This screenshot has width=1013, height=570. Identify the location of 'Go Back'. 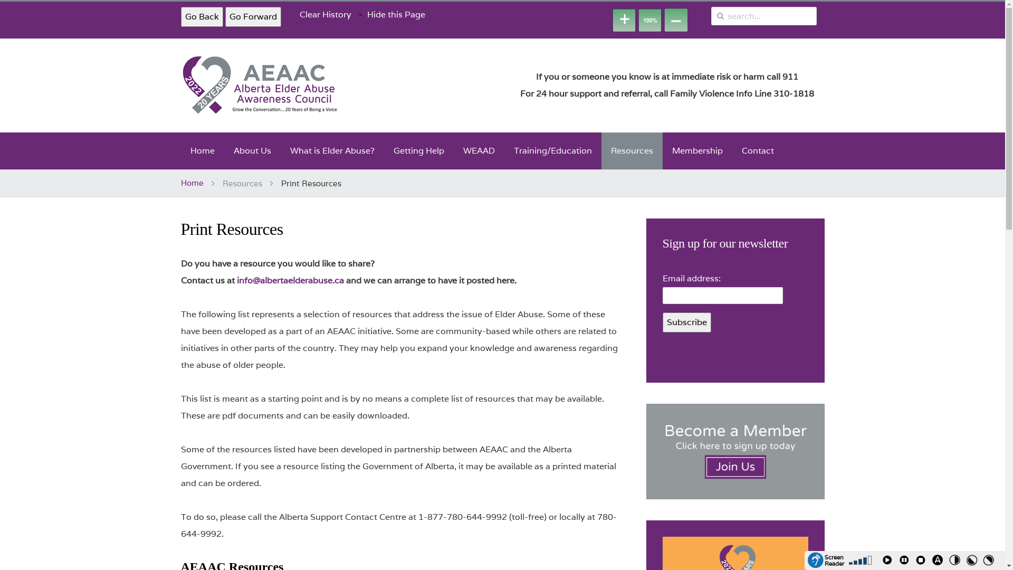
(180, 16).